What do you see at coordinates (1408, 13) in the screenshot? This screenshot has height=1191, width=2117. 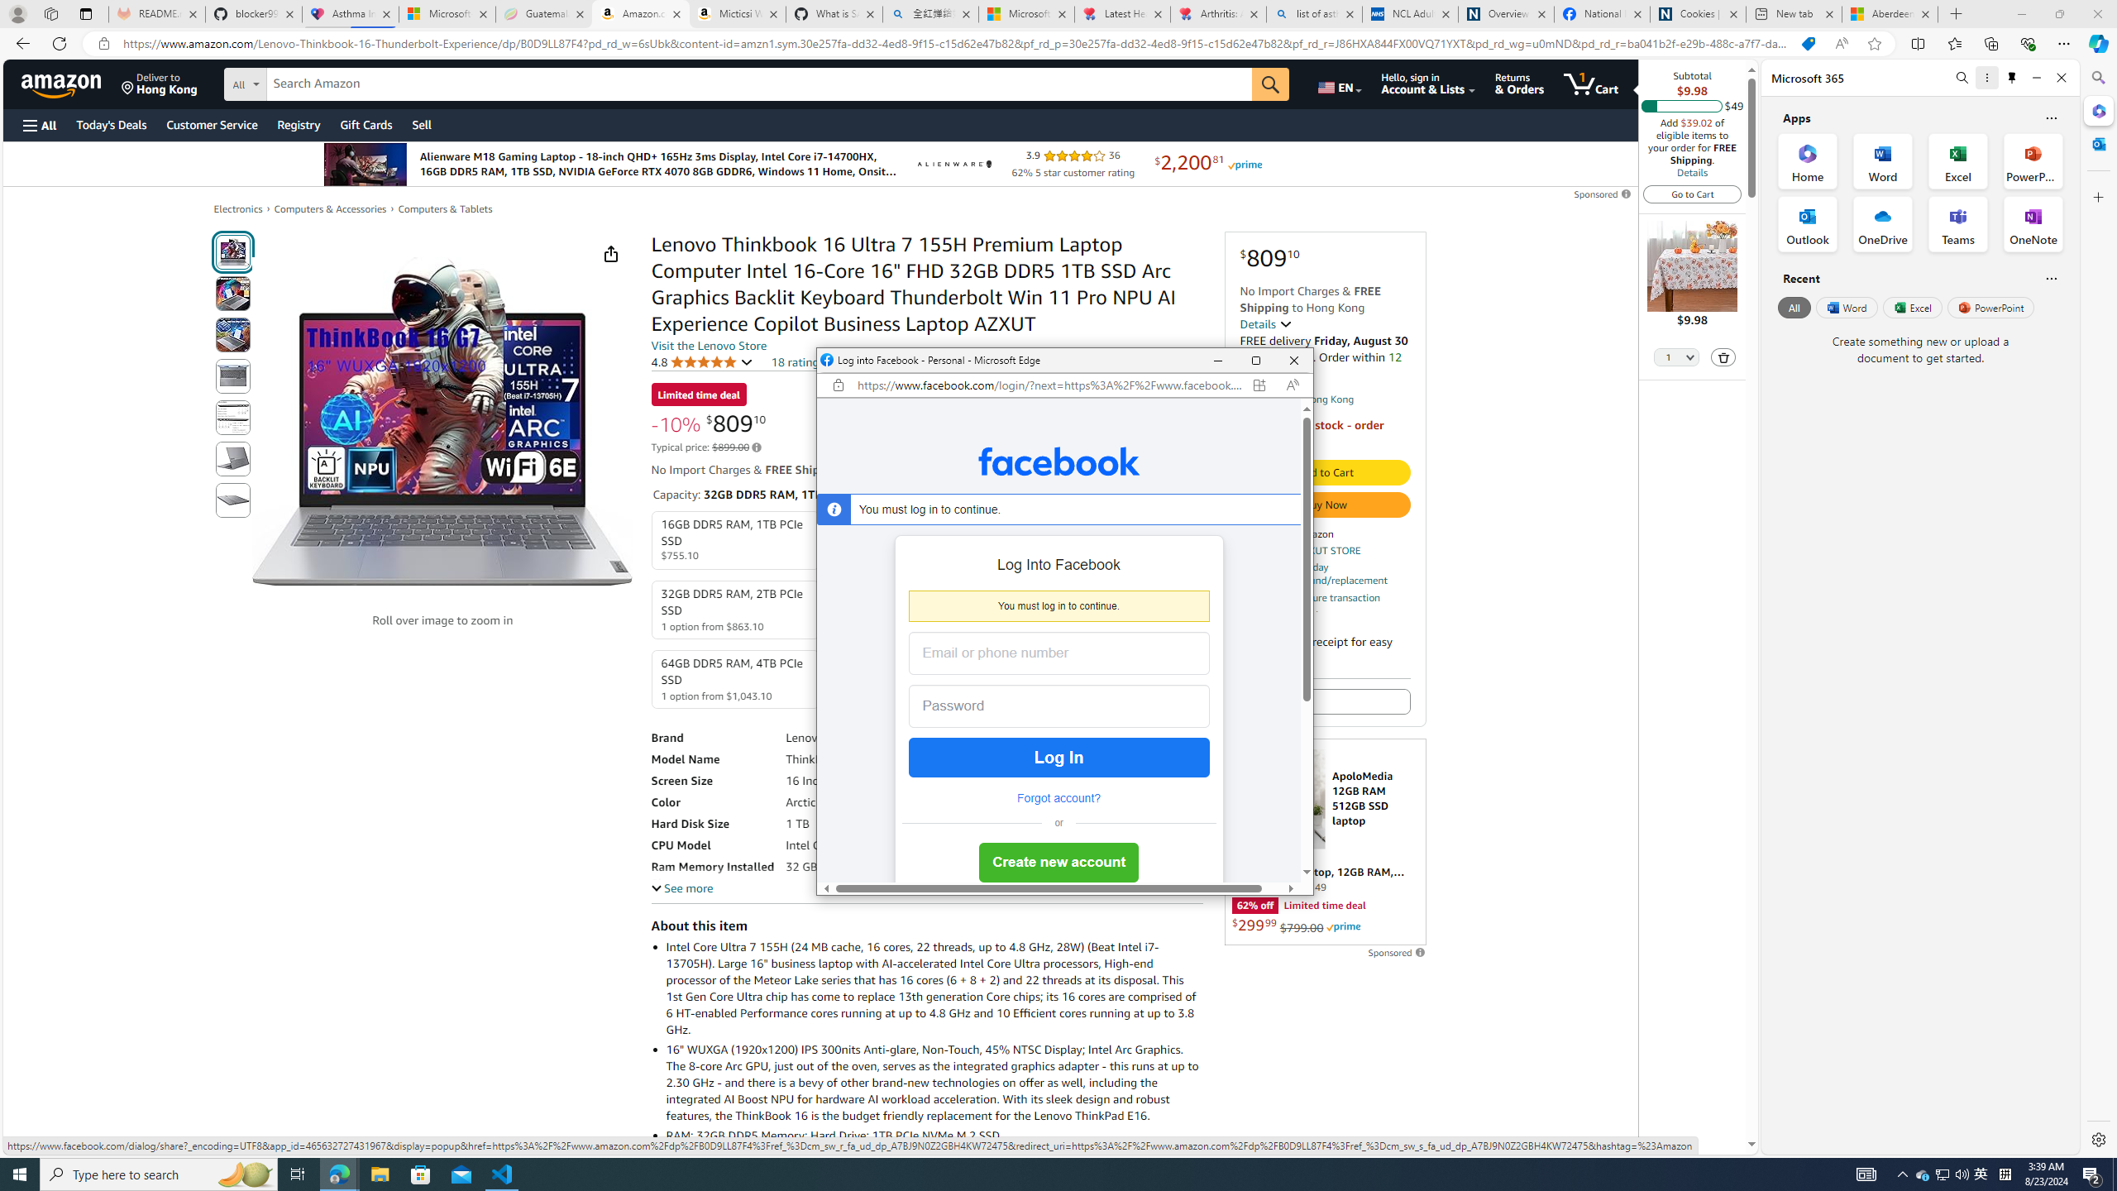 I see `'NCL Adult Asthma Inhaler Choice Guideline'` at bounding box center [1408, 13].